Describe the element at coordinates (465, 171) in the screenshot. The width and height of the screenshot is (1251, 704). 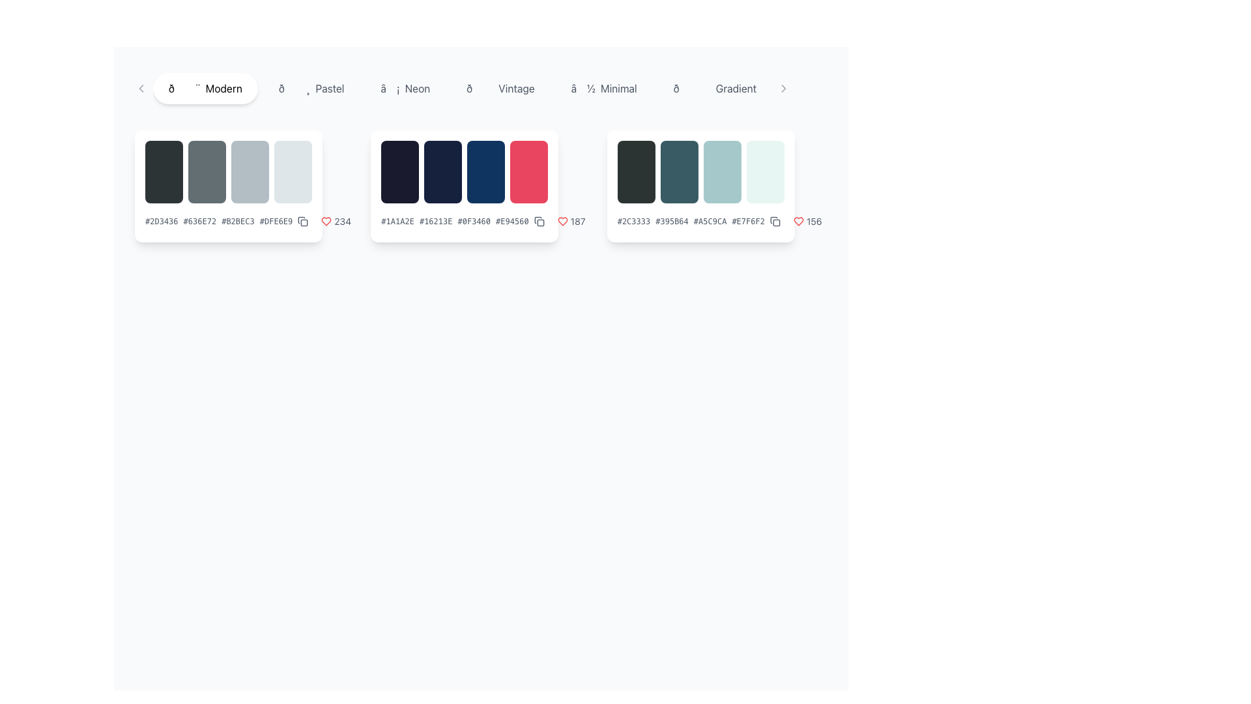
I see `the Color Display Strip, which contains four color blocks (dark navy, navy, deep blue, and bright red) with rounded corners and hover animations` at that location.